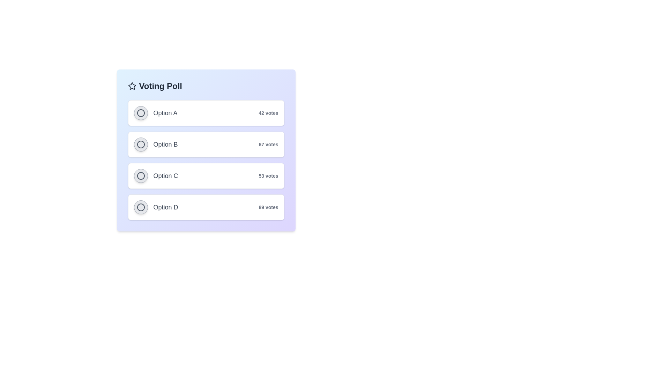 The width and height of the screenshot is (670, 377). I want to click on the associated vote count displayed alongside the selectable voting option 'Option B' with '67 votes', so click(206, 150).